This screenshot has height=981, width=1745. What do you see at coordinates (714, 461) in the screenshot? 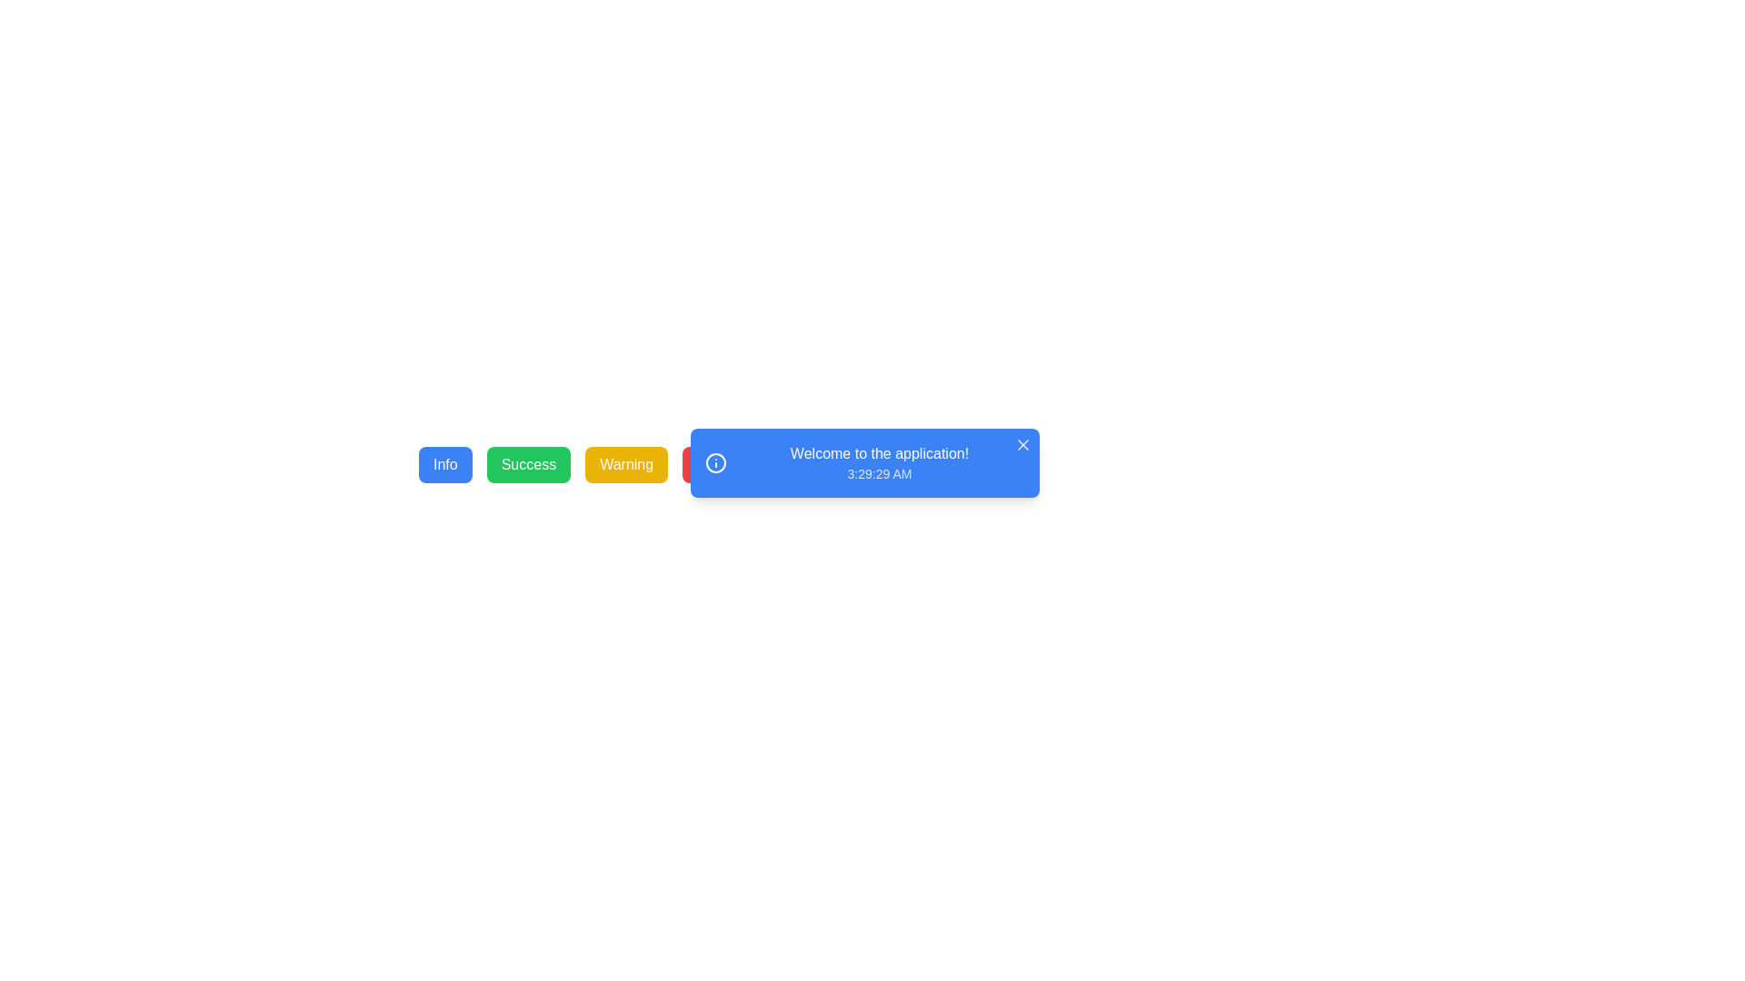
I see `the informational icon located at the left edge of the notification box titled 'Welcome to the application!'` at bounding box center [714, 461].